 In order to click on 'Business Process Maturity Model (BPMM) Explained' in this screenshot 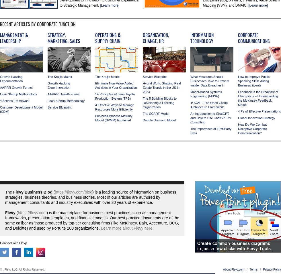, I will do `click(95, 118)`.